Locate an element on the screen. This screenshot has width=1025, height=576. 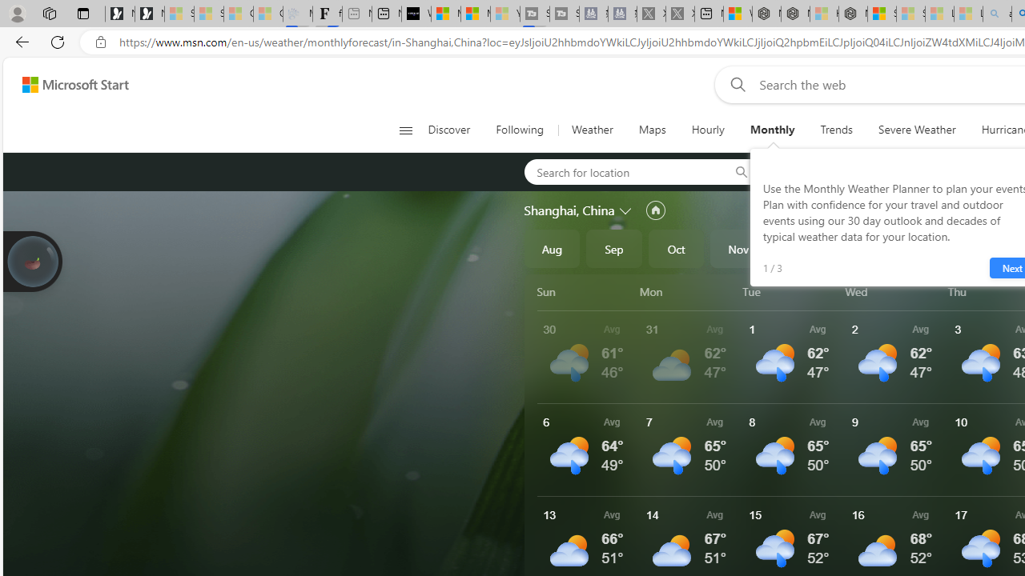
'amazon - Search - Sleeping' is located at coordinates (996, 14).